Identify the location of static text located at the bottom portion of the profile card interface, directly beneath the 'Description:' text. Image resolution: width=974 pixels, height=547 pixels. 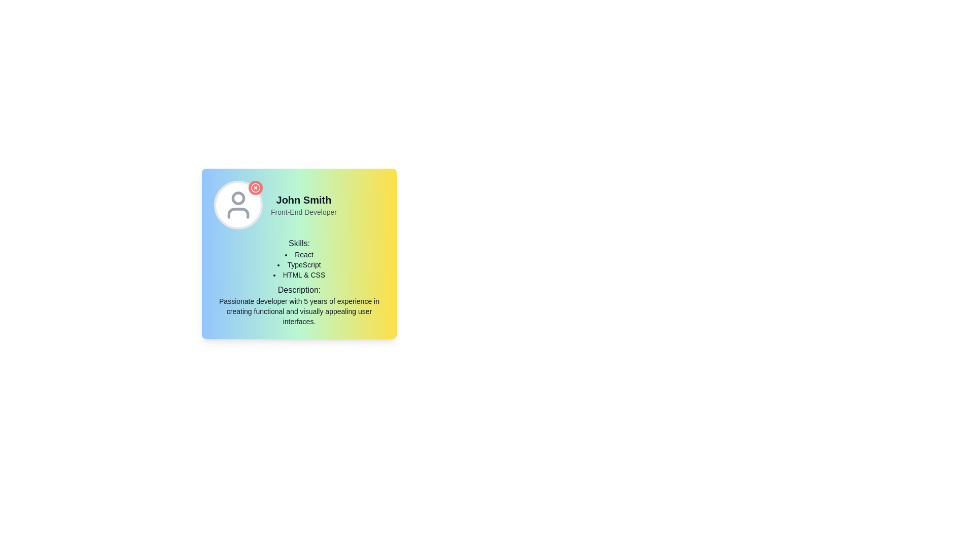
(299, 310).